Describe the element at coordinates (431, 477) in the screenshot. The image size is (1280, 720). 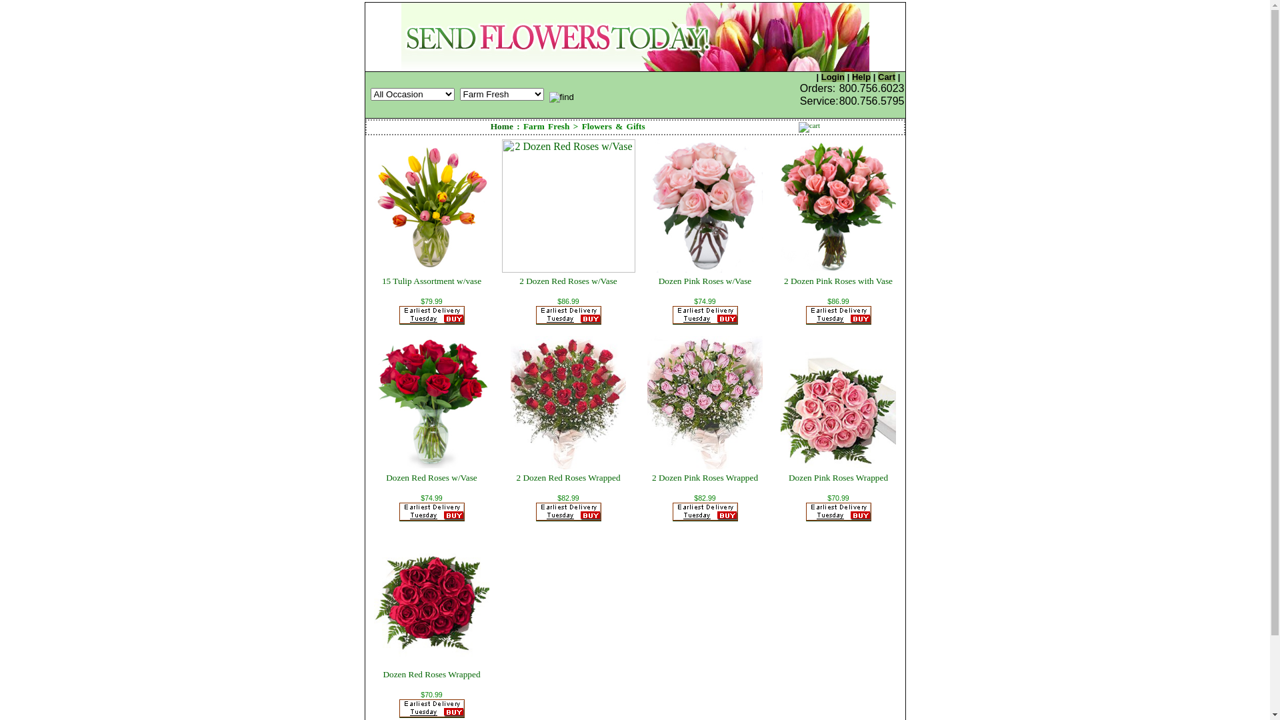
I see `'Dozen Red Roses w/Vase'` at that location.